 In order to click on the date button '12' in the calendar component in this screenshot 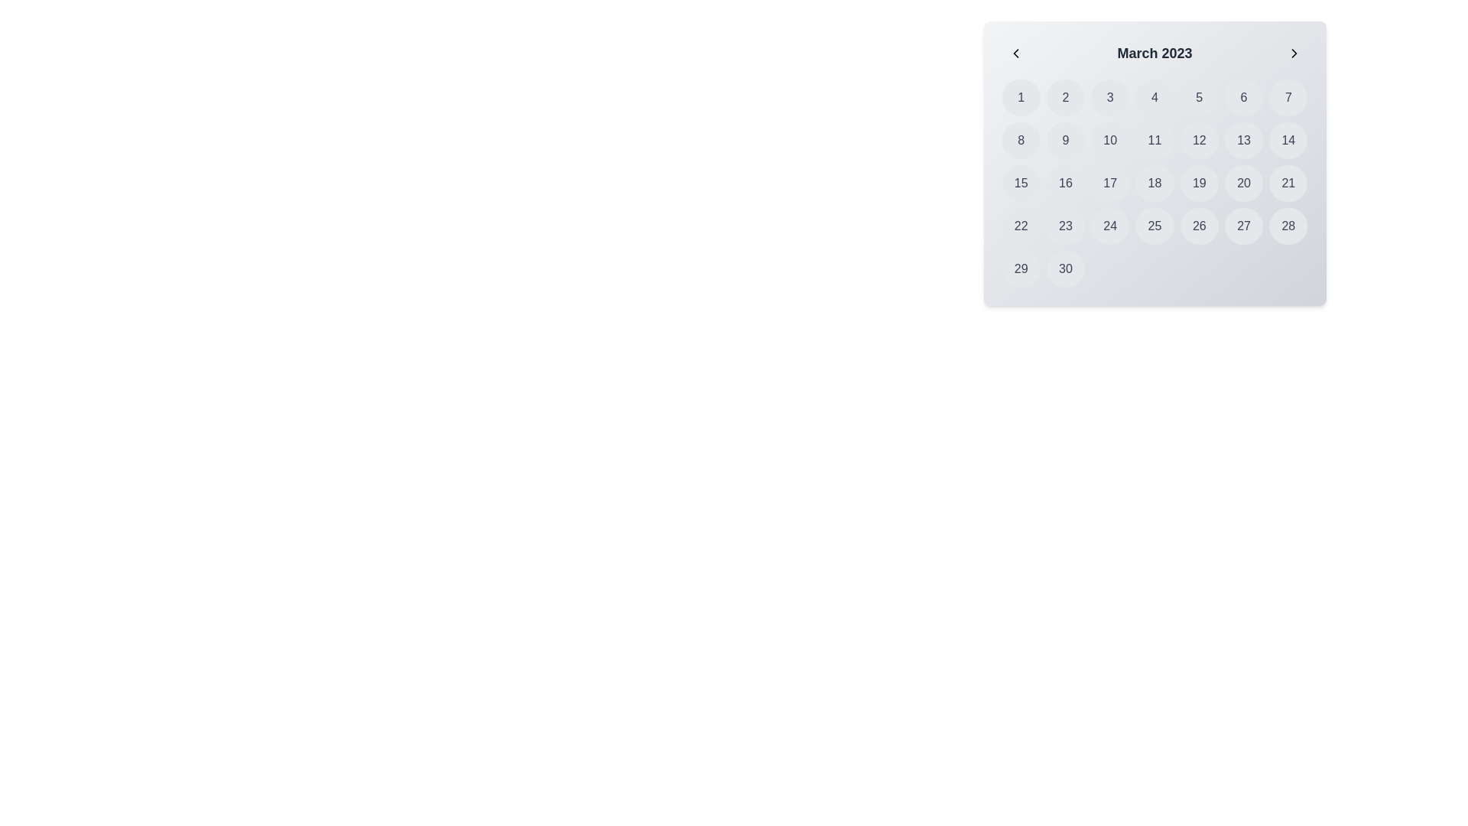, I will do `click(1198, 141)`.